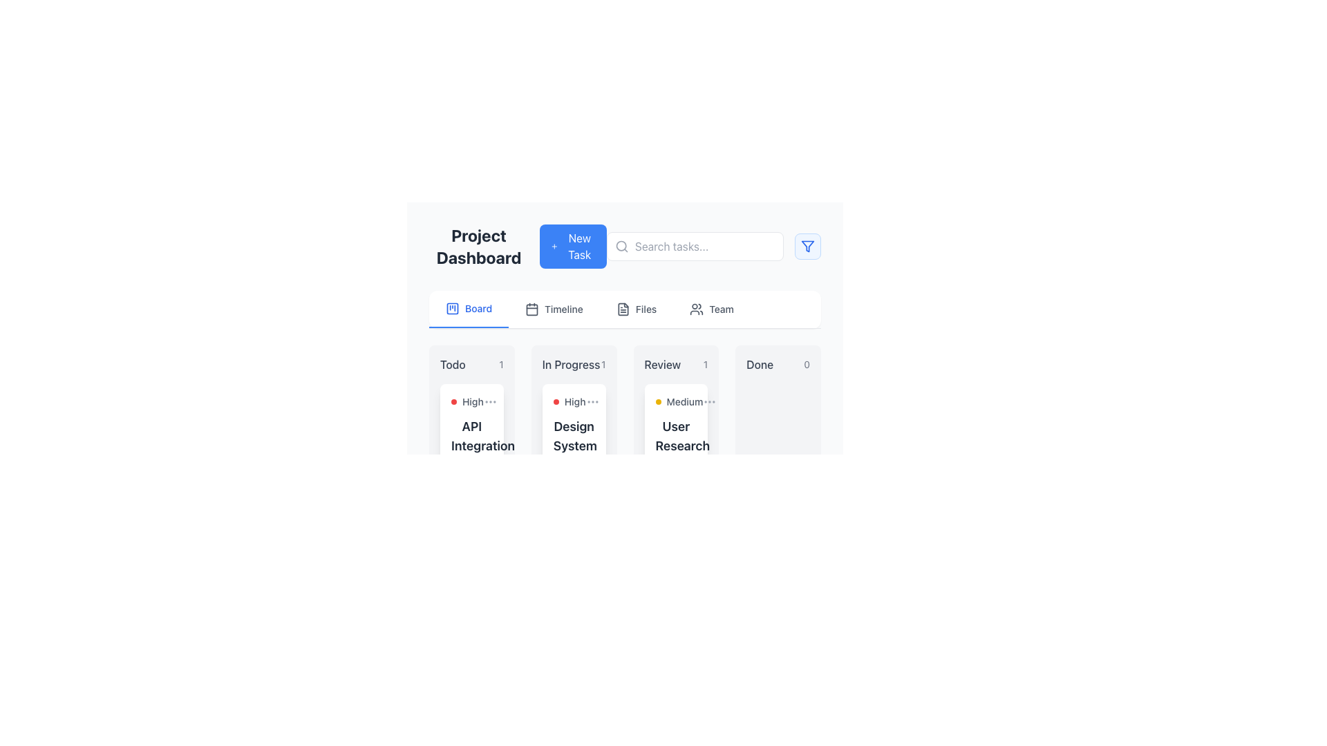 This screenshot has width=1327, height=746. Describe the element at coordinates (579, 246) in the screenshot. I see `the blue button containing the text label indicating the action to create a new task, located in the top central area of the interface, next to a '+' symbol` at that location.